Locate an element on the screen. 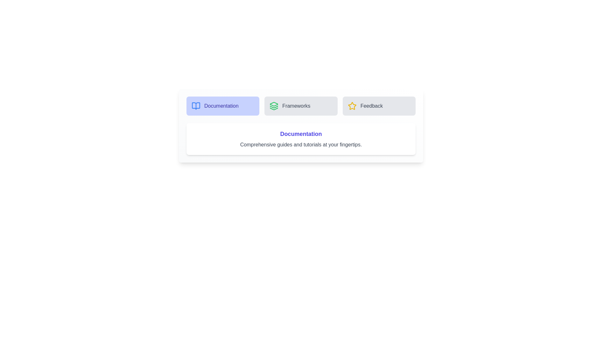 This screenshot has width=611, height=343. the Feedback tab to view its description is located at coordinates (379, 106).